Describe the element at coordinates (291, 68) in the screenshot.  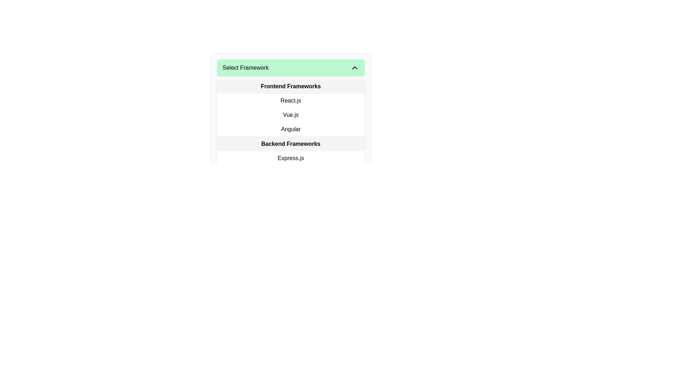
I see `the dropdown toggle button located at the top of the menu list` at that location.